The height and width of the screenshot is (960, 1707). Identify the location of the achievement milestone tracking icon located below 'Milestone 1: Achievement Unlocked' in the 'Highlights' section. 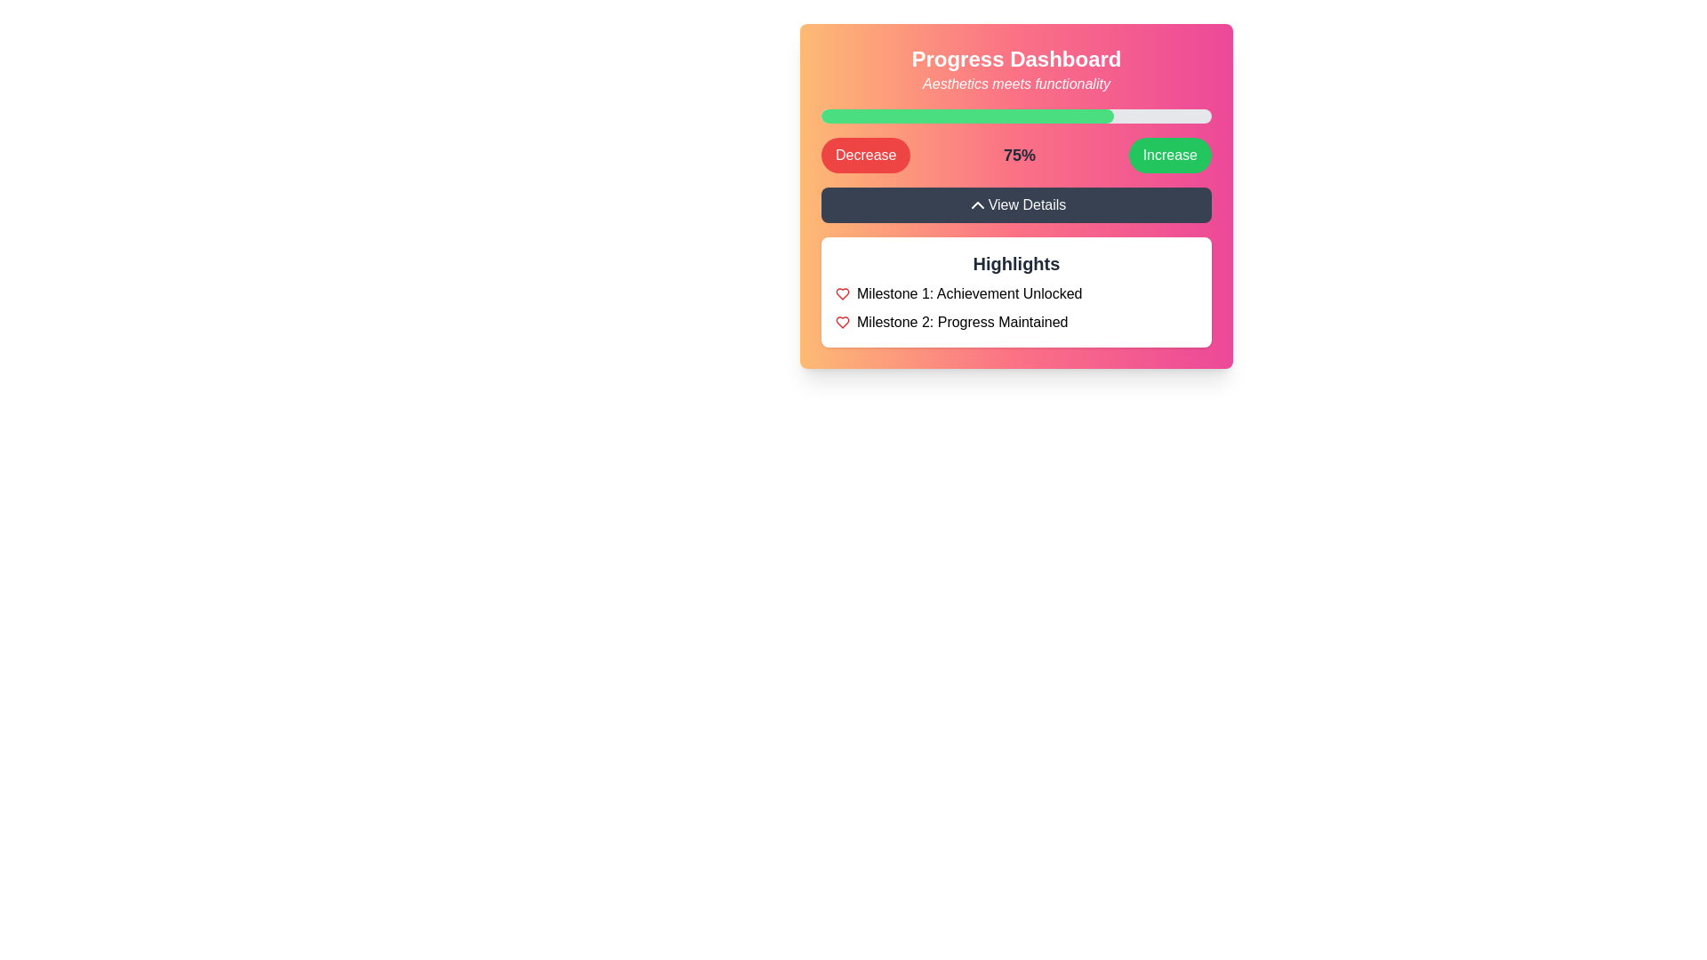
(842, 293).